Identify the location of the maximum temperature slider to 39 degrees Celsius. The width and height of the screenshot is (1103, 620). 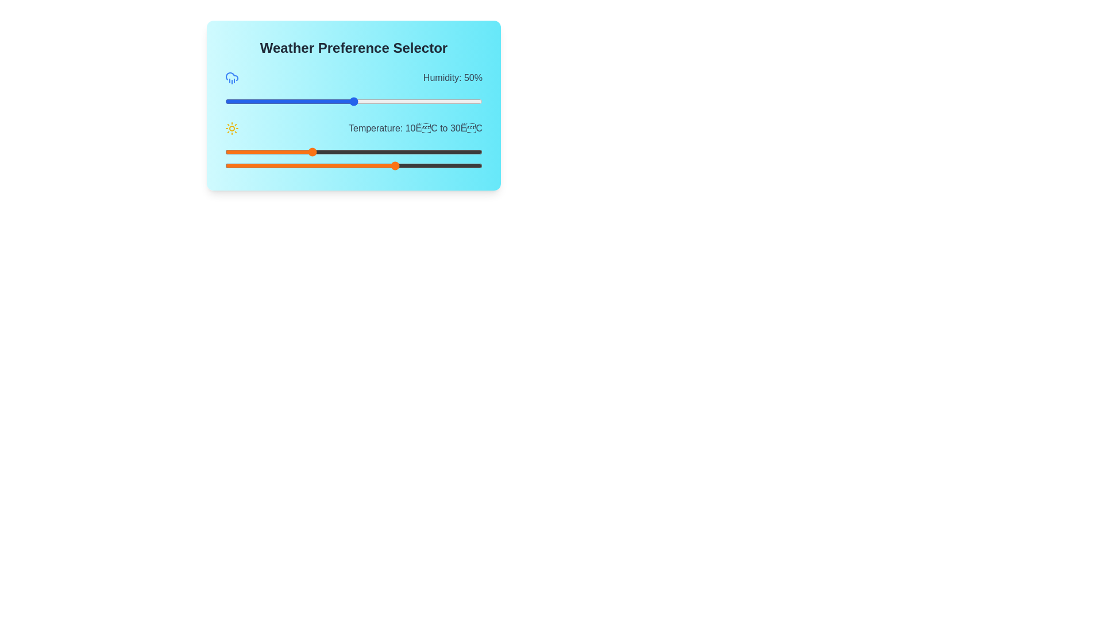
(434, 166).